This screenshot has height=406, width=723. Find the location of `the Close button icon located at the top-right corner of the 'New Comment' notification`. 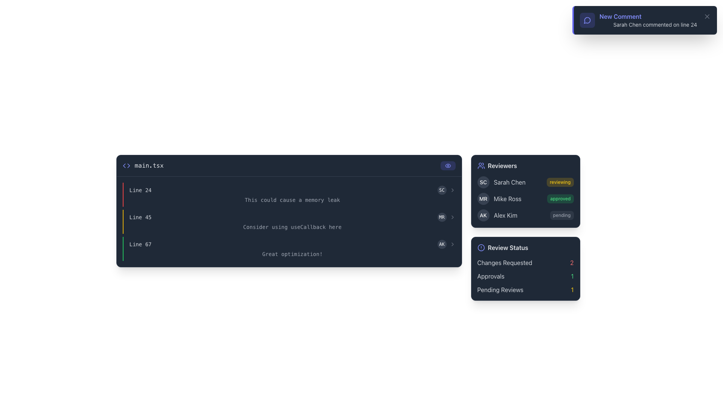

the Close button icon located at the top-right corner of the 'New Comment' notification is located at coordinates (706, 16).